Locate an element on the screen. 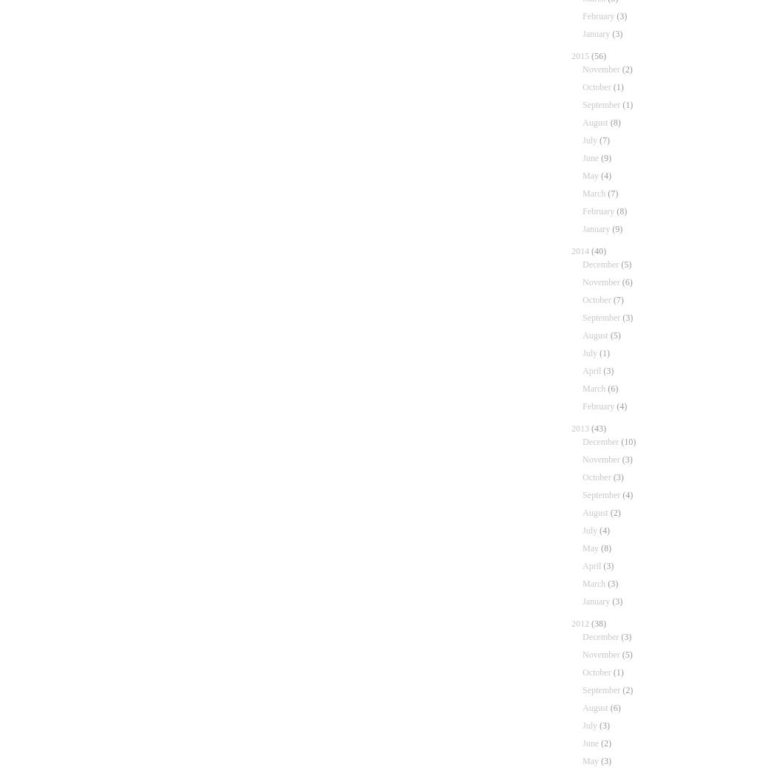 The height and width of the screenshot is (770, 760). '2012' is located at coordinates (571, 624).